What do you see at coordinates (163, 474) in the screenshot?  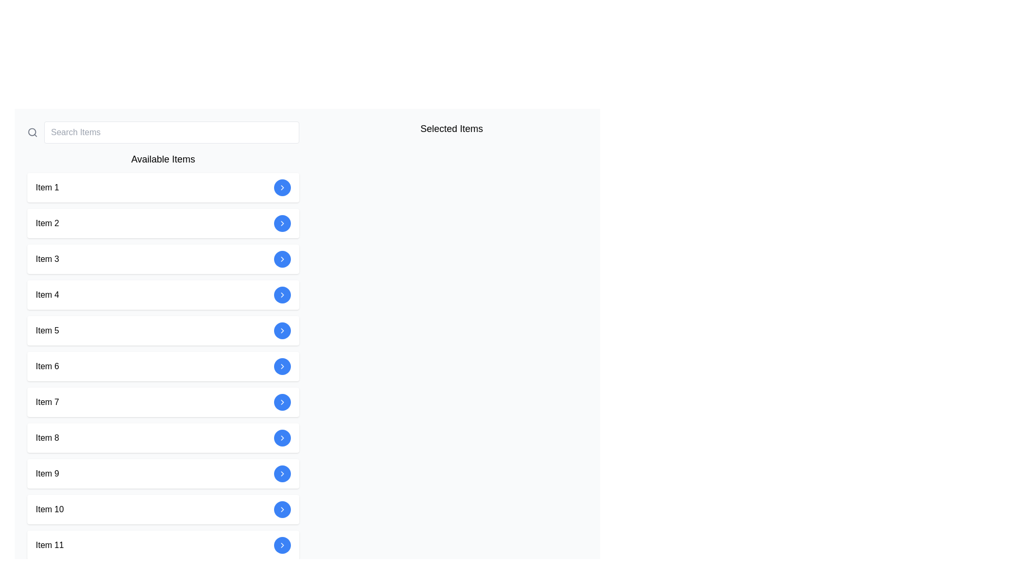 I see `the List Item labeled 'Item 9' which has a white background, rounded corners, and a blue circular button with a right arrow` at bounding box center [163, 474].